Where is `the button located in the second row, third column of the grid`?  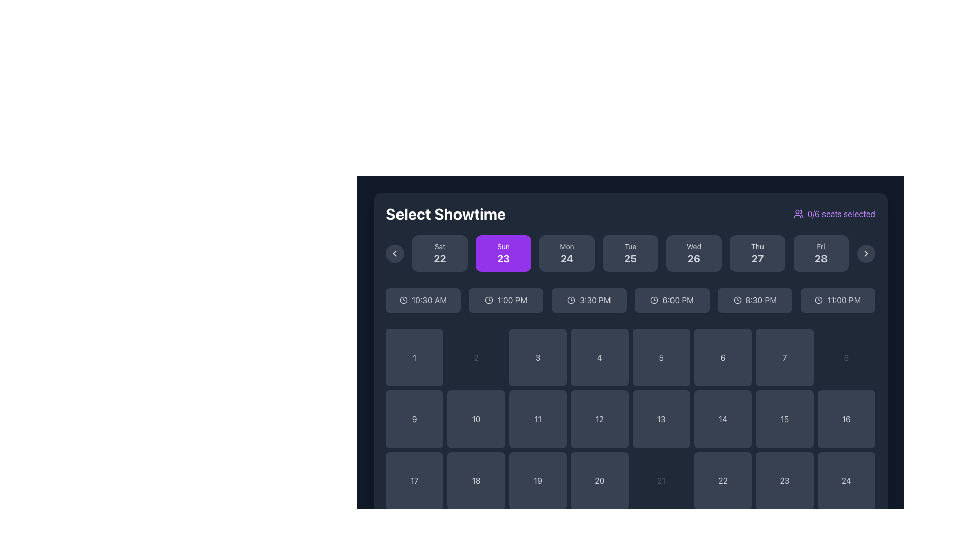
the button located in the second row, third column of the grid is located at coordinates (537, 419).